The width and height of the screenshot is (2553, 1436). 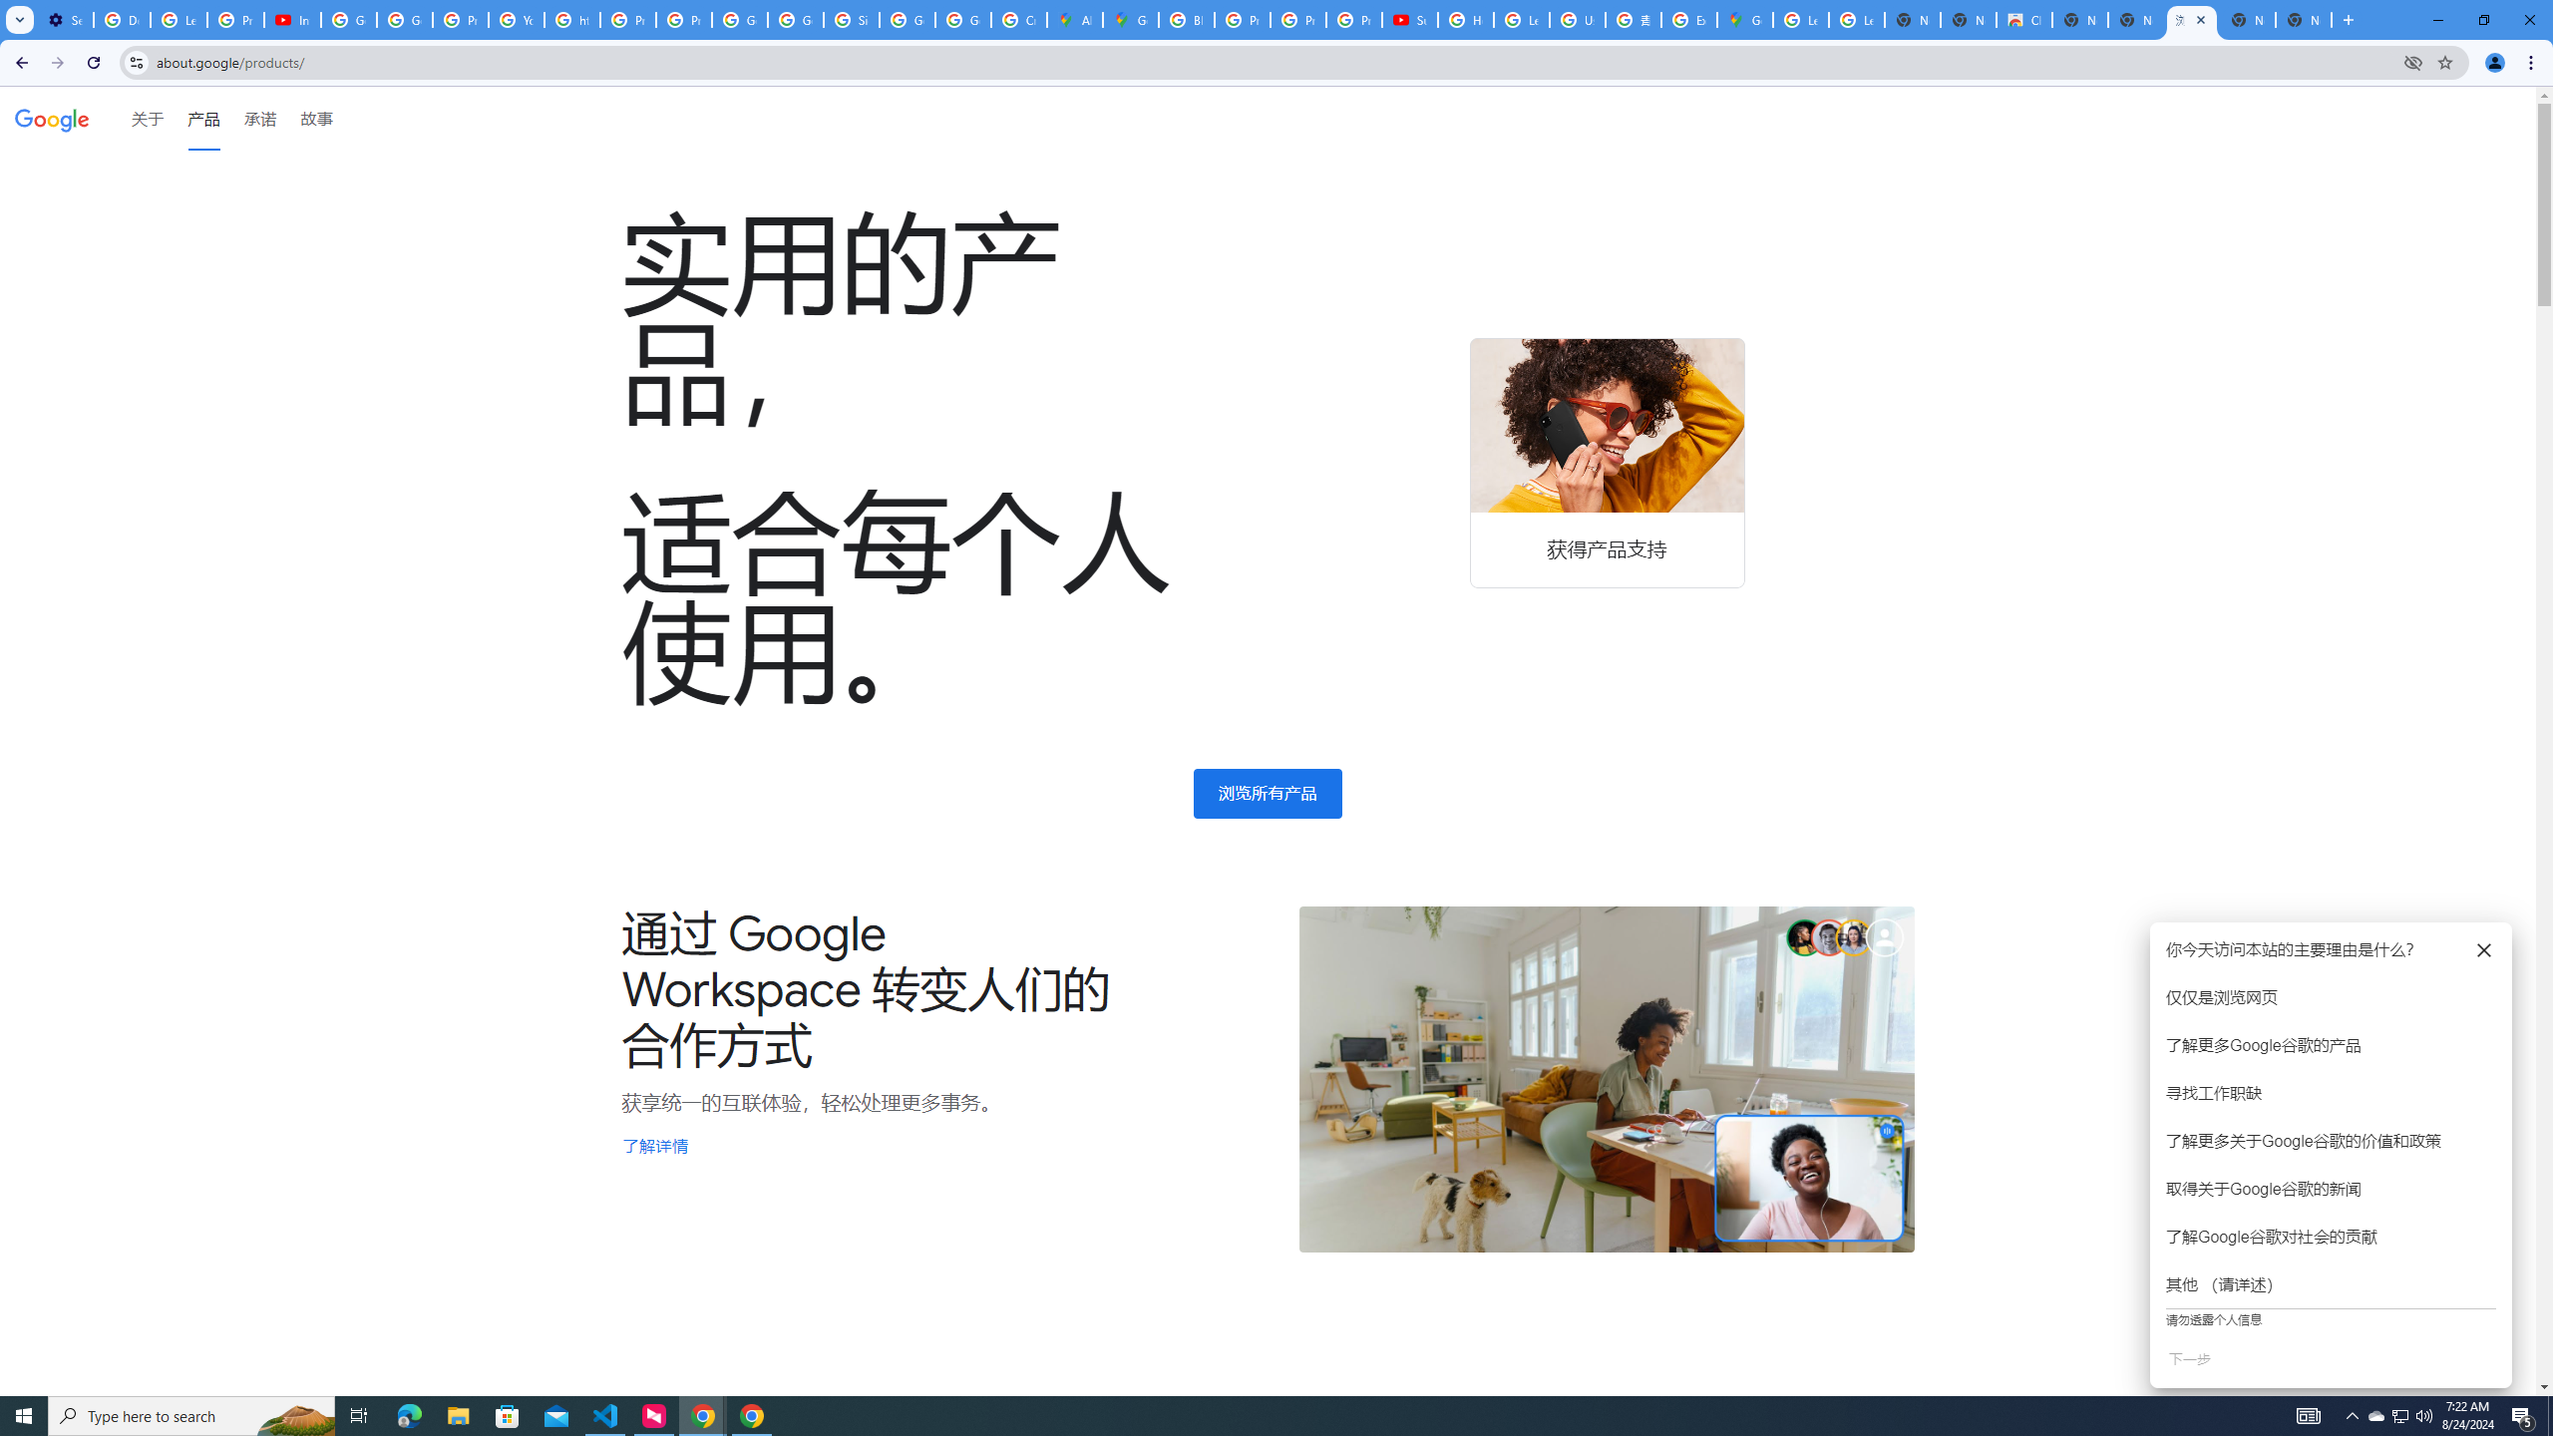 I want to click on 'Learn how to find your photos - Google Photos Help', so click(x=179, y=19).